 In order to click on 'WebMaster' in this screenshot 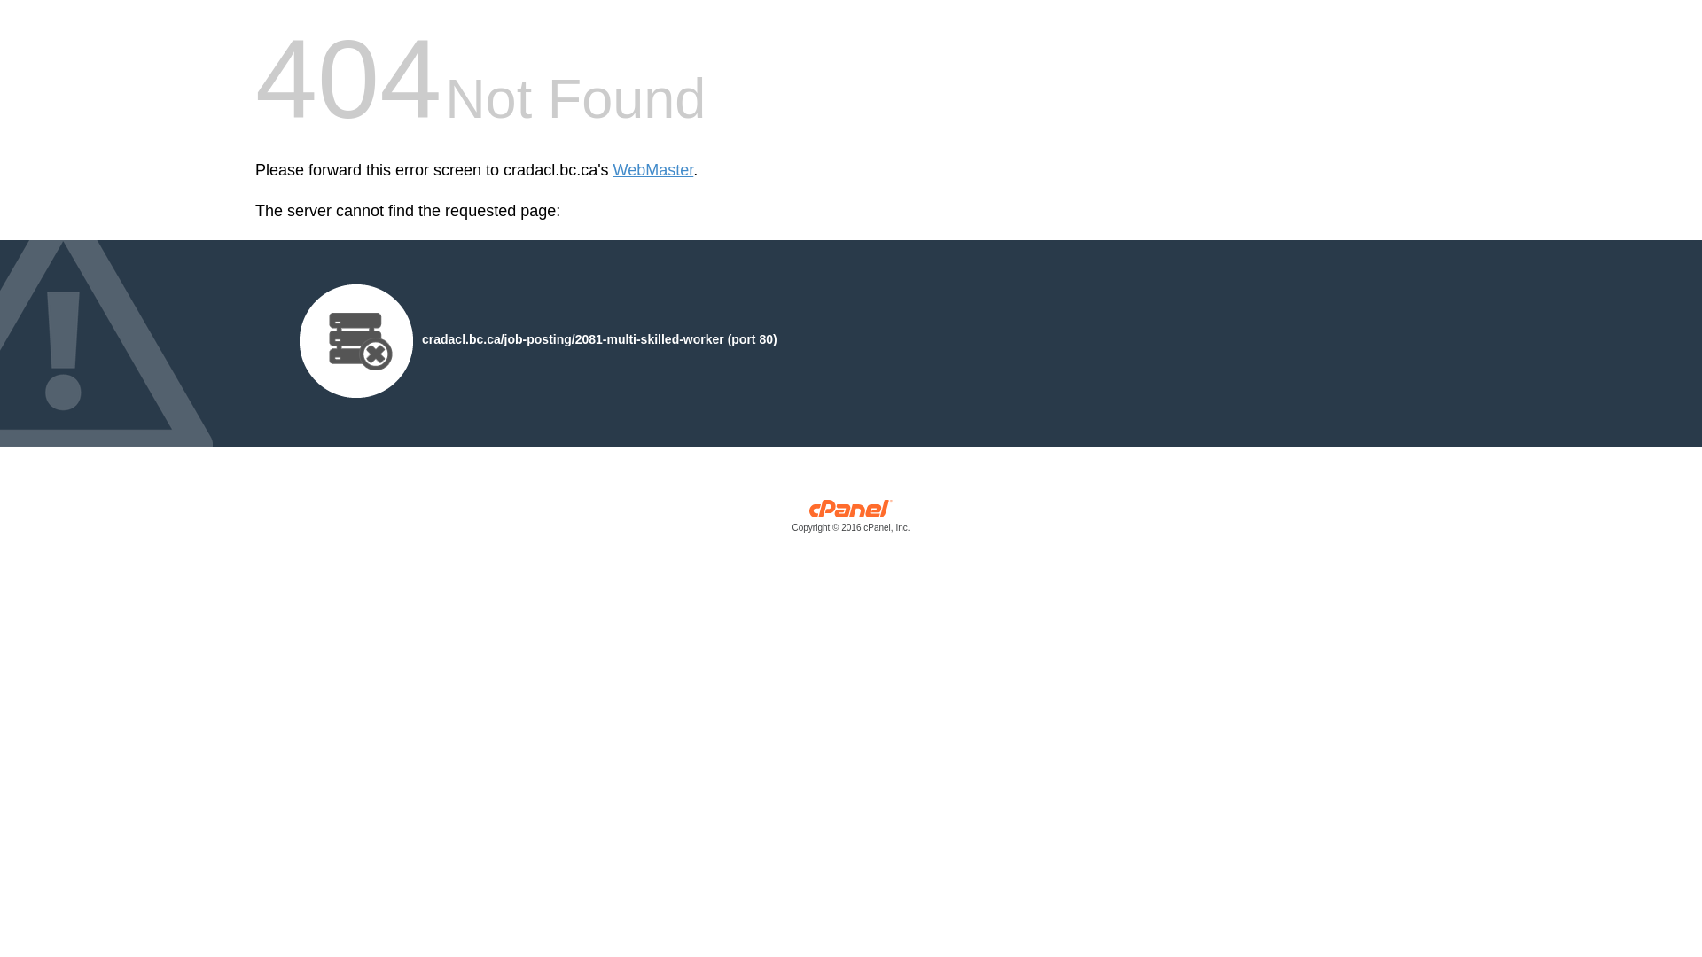, I will do `click(652, 170)`.